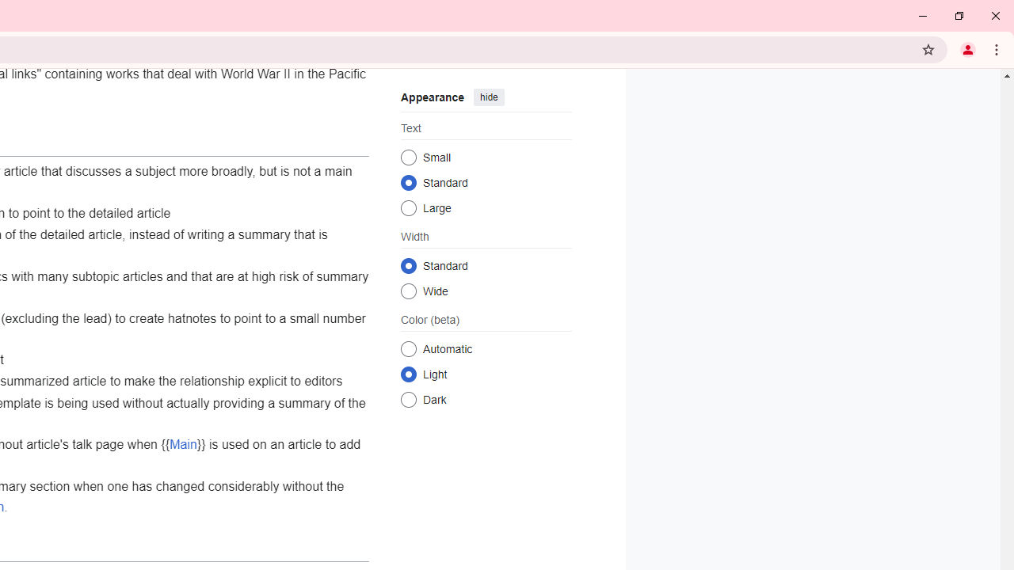 This screenshot has width=1014, height=570. I want to click on 'Light', so click(408, 374).